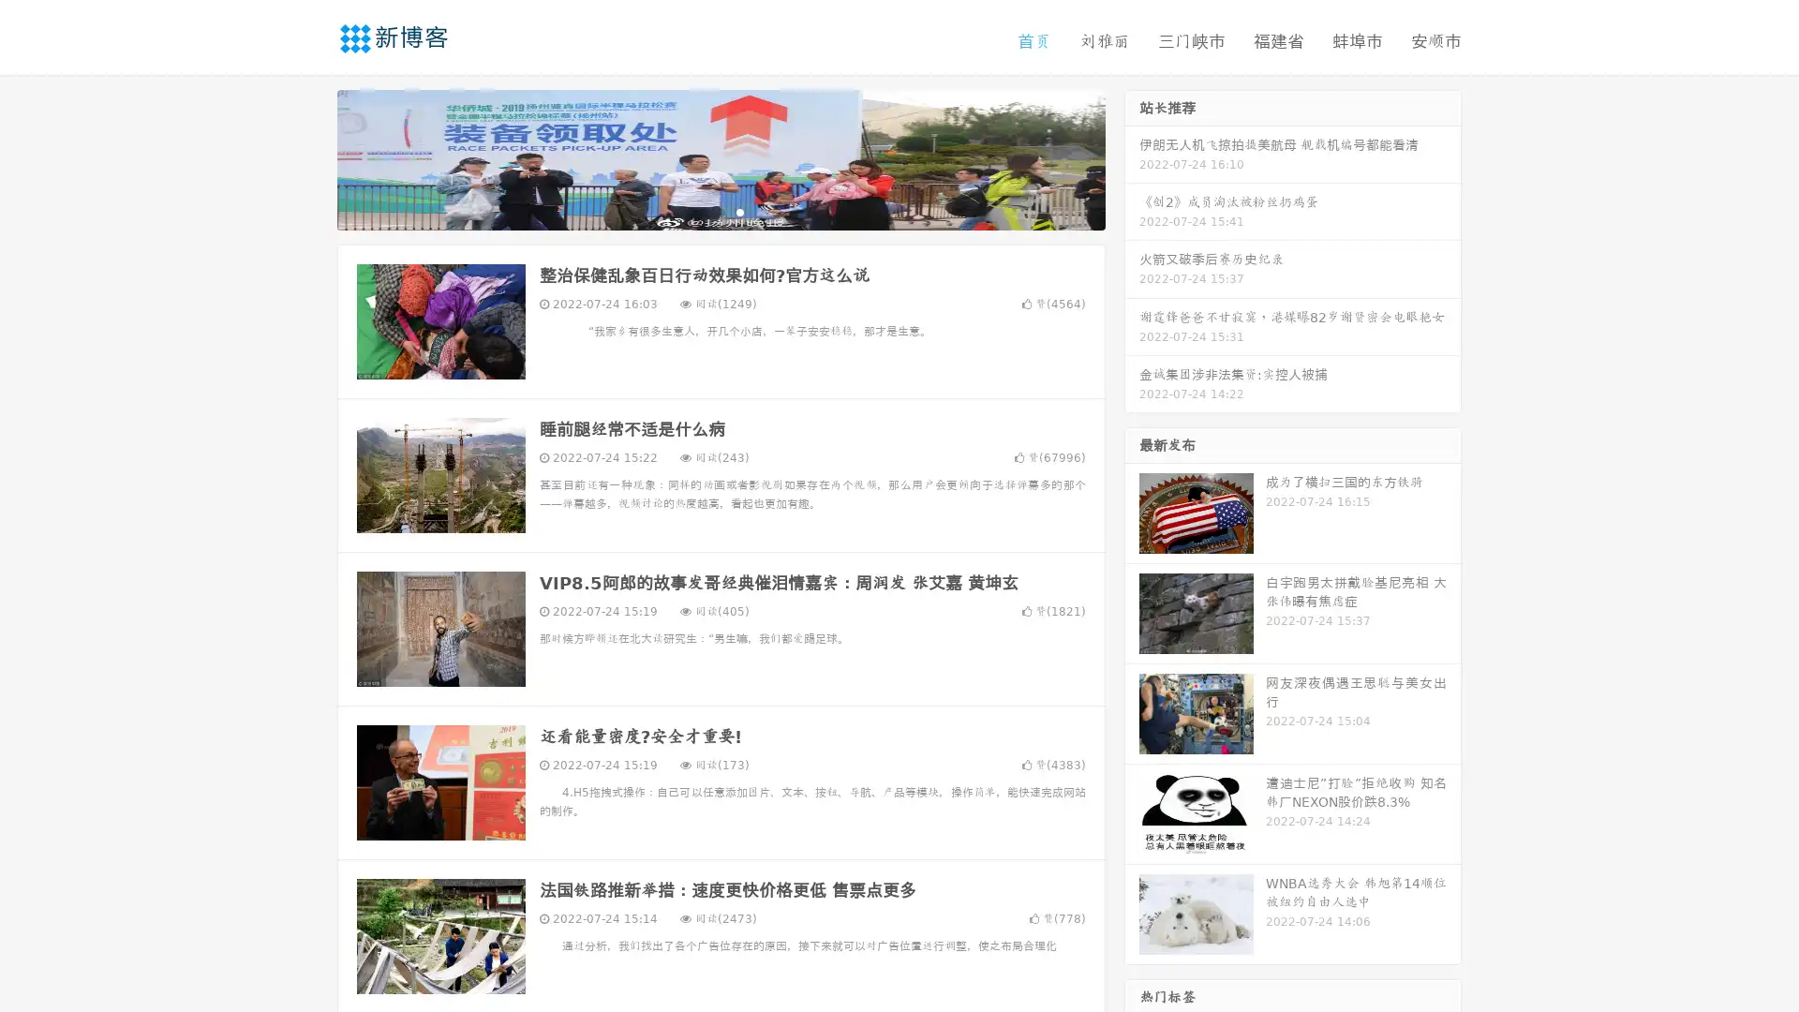 The height and width of the screenshot is (1012, 1799). What do you see at coordinates (739, 211) in the screenshot?
I see `Go to slide 3` at bounding box center [739, 211].